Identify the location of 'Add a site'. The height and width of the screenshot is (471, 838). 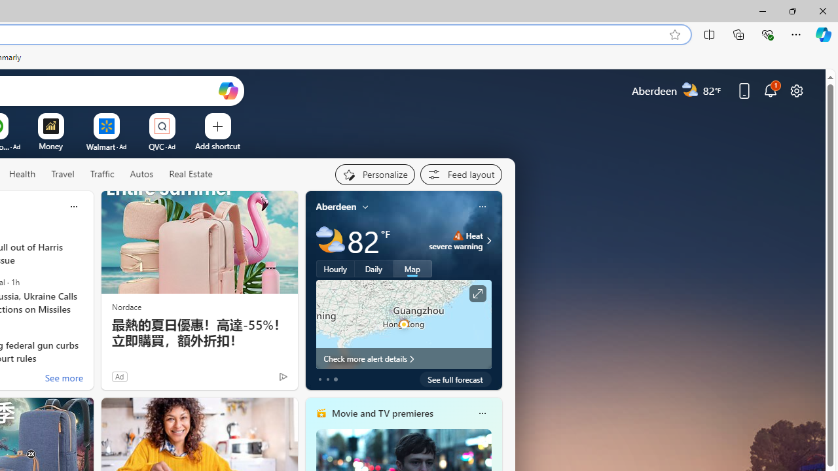
(217, 146).